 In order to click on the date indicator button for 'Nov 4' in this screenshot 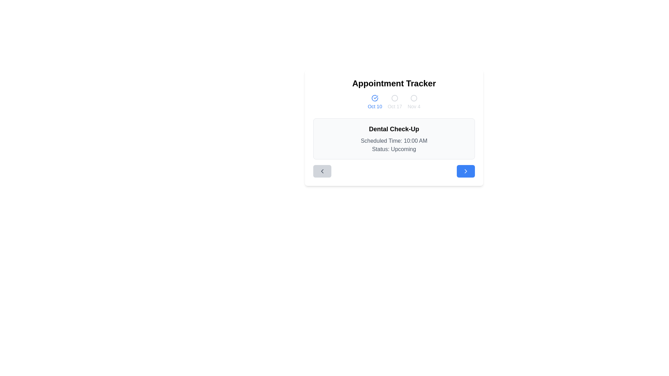, I will do `click(414, 102)`.